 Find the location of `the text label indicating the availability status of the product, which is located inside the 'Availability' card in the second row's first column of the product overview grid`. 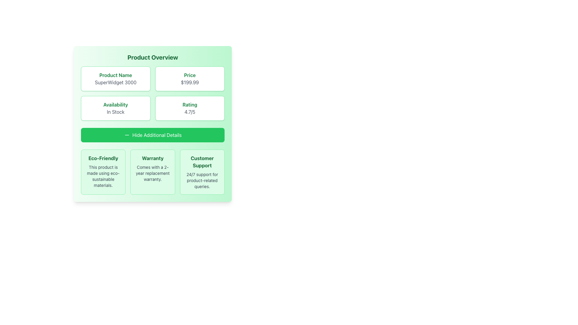

the text label indicating the availability status of the product, which is located inside the 'Availability' card in the second row's first column of the product overview grid is located at coordinates (116, 104).